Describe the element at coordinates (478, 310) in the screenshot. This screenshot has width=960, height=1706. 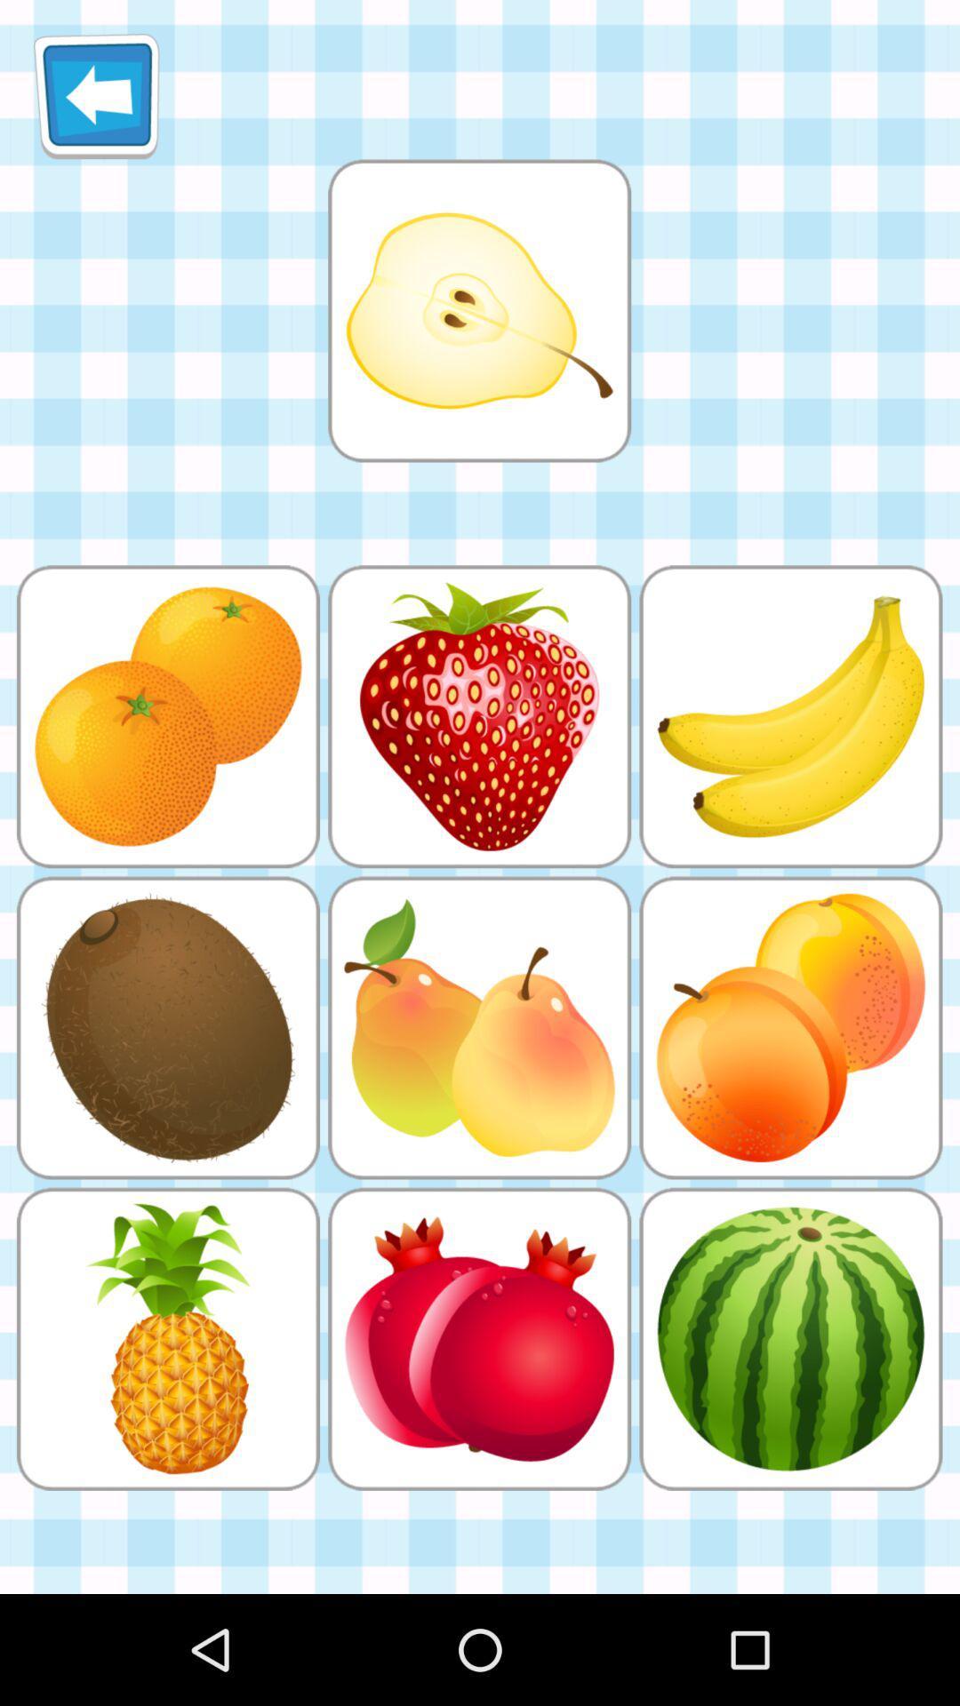
I see `top middle pear` at that location.